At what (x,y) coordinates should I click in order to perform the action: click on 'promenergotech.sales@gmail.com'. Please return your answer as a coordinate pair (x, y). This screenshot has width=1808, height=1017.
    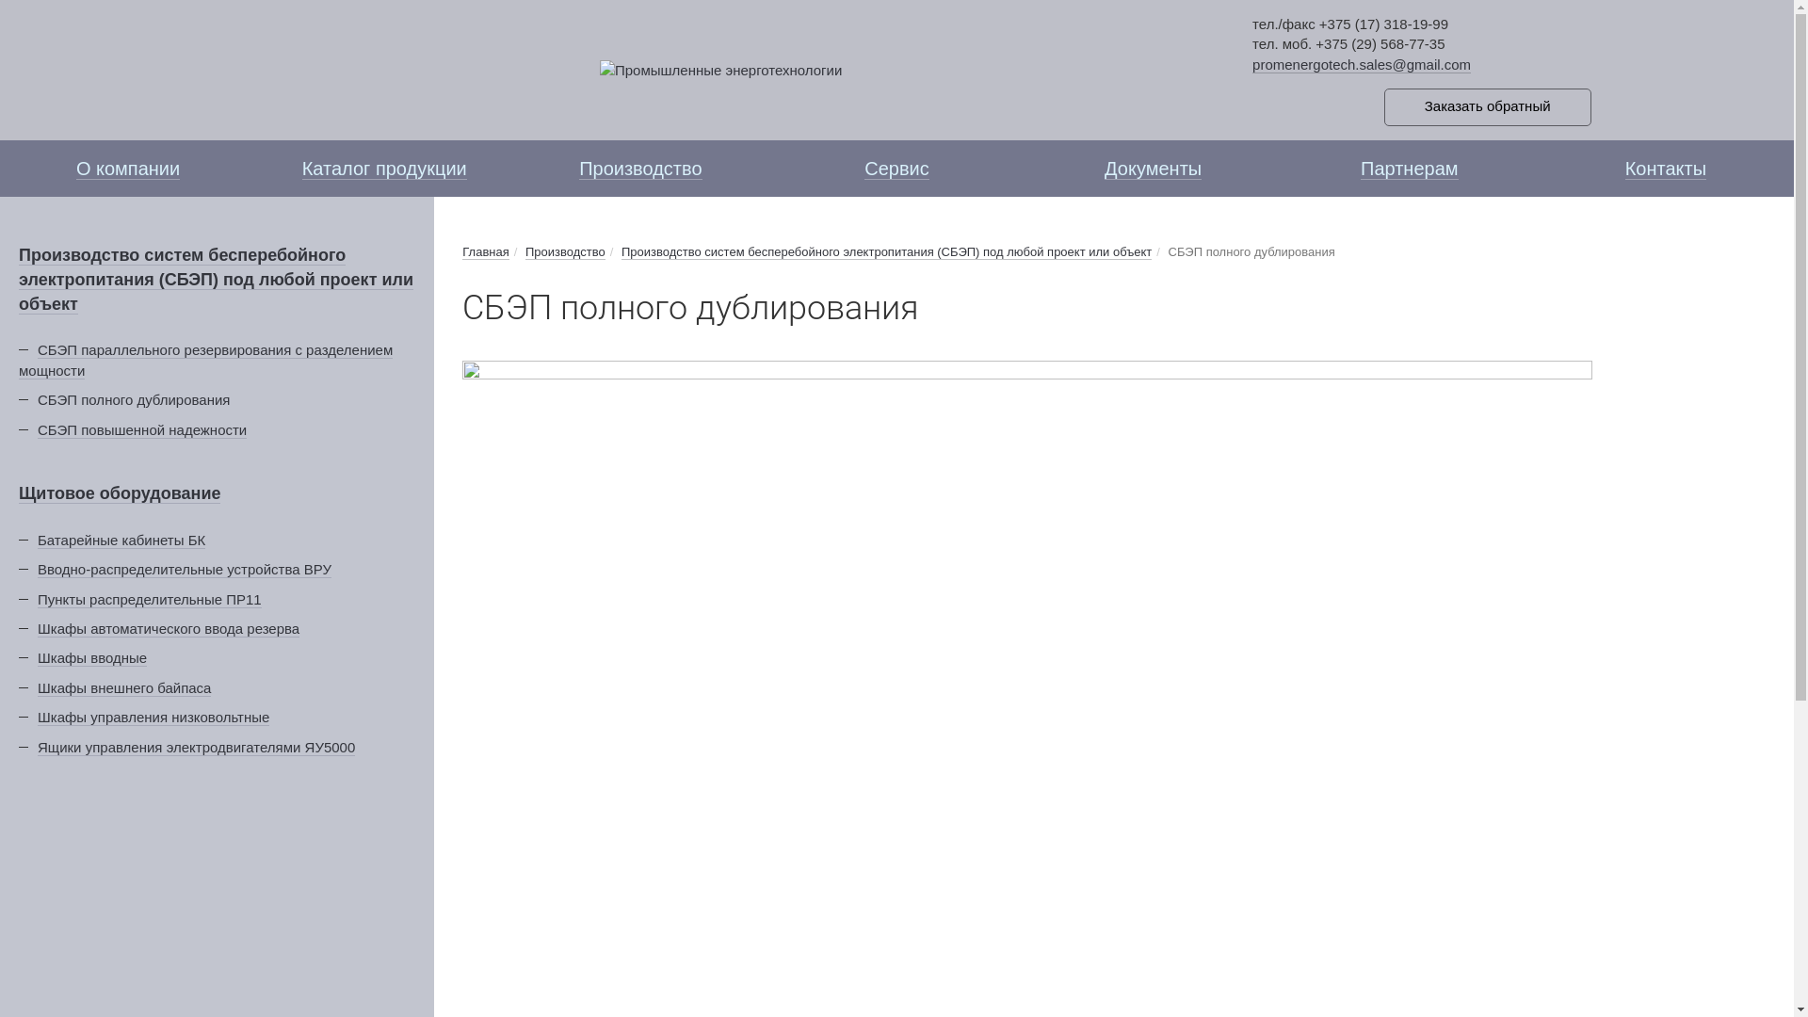
    Looking at the image, I should click on (1361, 64).